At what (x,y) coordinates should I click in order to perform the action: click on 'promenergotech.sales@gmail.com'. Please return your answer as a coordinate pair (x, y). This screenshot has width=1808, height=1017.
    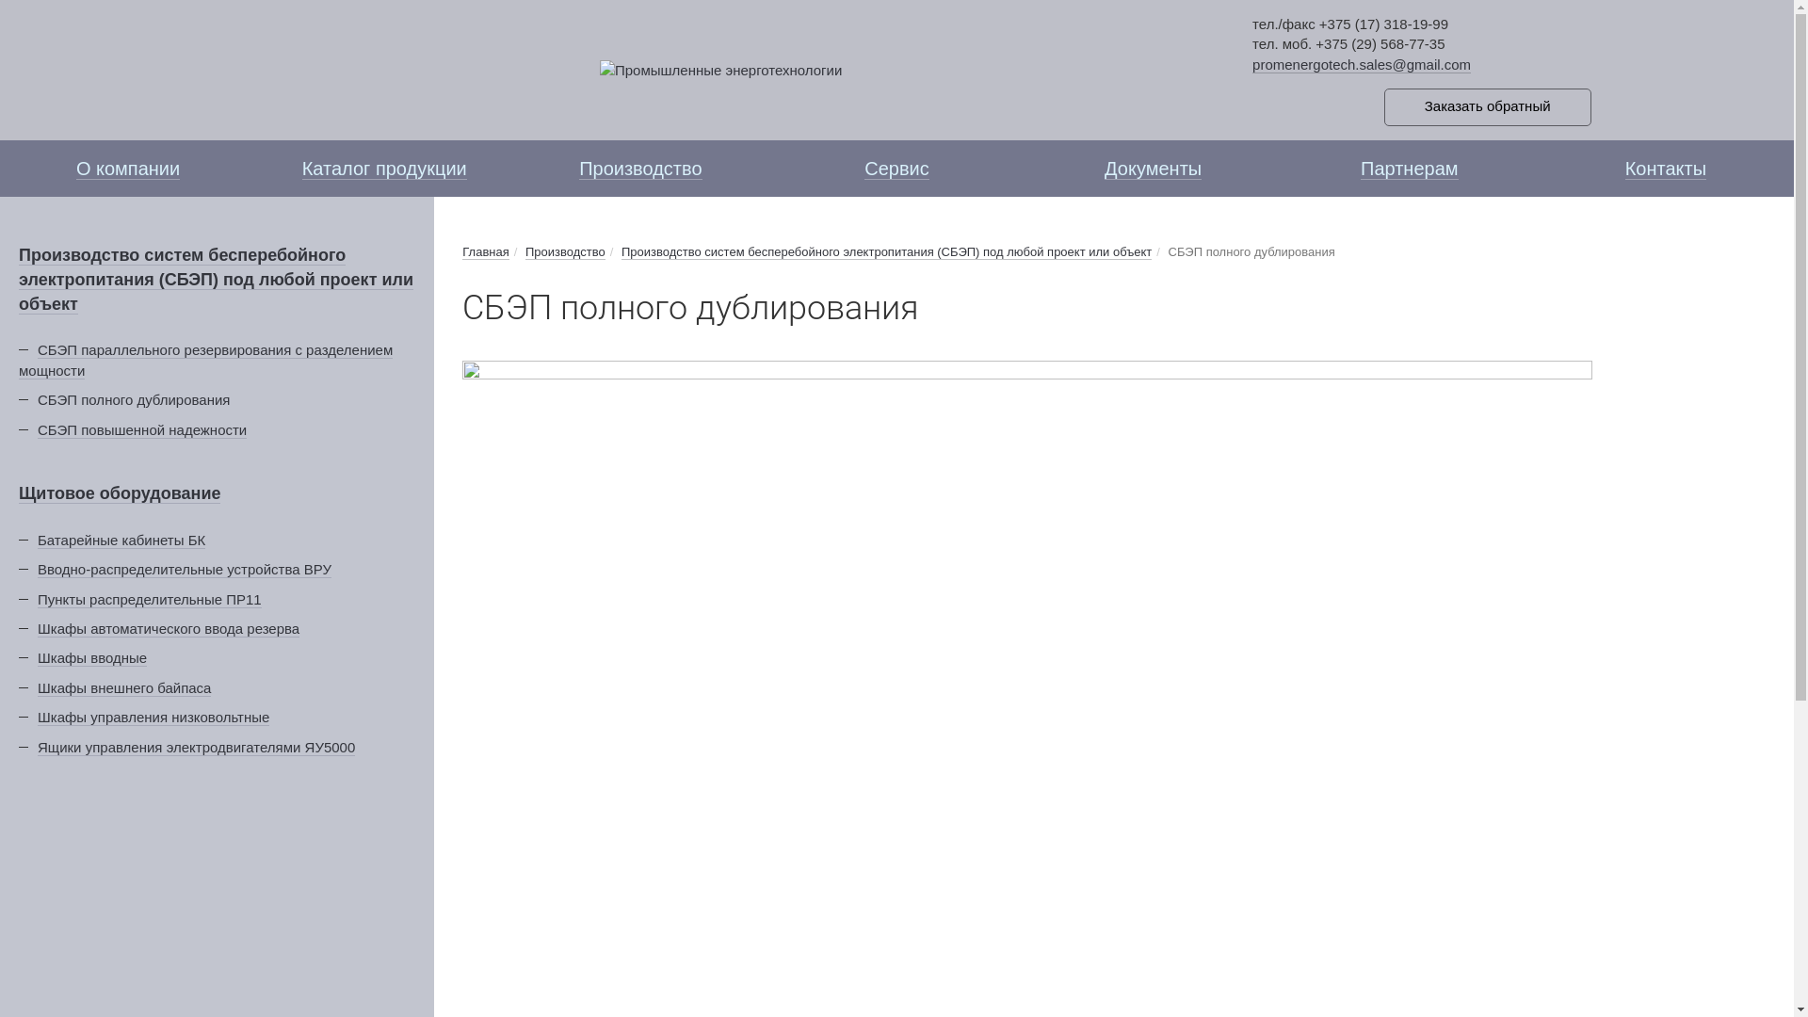
    Looking at the image, I should click on (1361, 64).